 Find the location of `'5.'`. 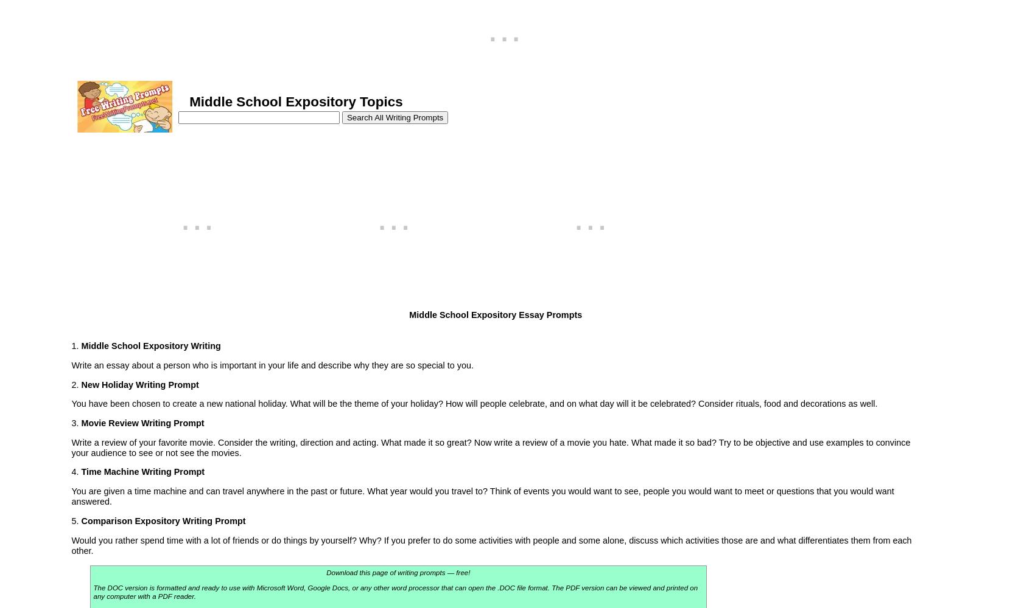

'5.' is located at coordinates (75, 520).